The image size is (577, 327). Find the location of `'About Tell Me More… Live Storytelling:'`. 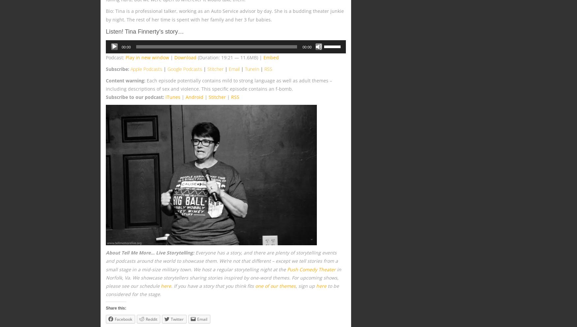

'About Tell Me More… Live Storytelling:' is located at coordinates (150, 252).